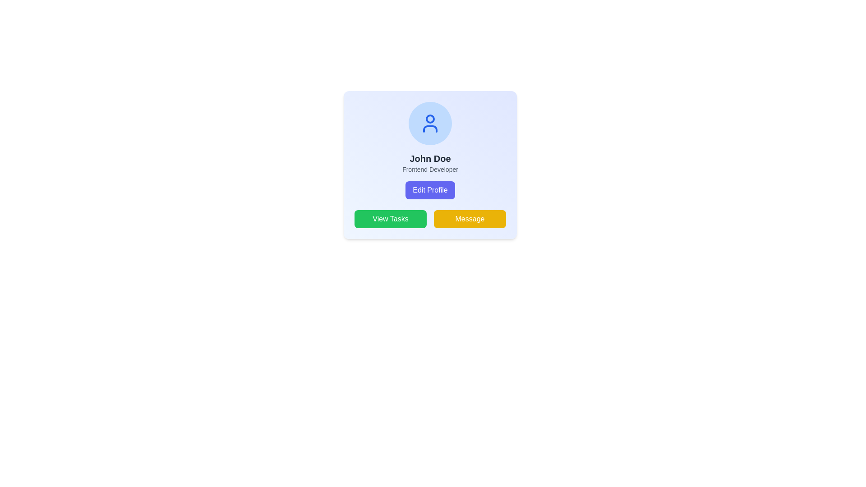 The width and height of the screenshot is (866, 487). I want to click on the decorative circle element of the 'user' icon, which represents a head or face, located at the upper section of the icon, so click(430, 118).